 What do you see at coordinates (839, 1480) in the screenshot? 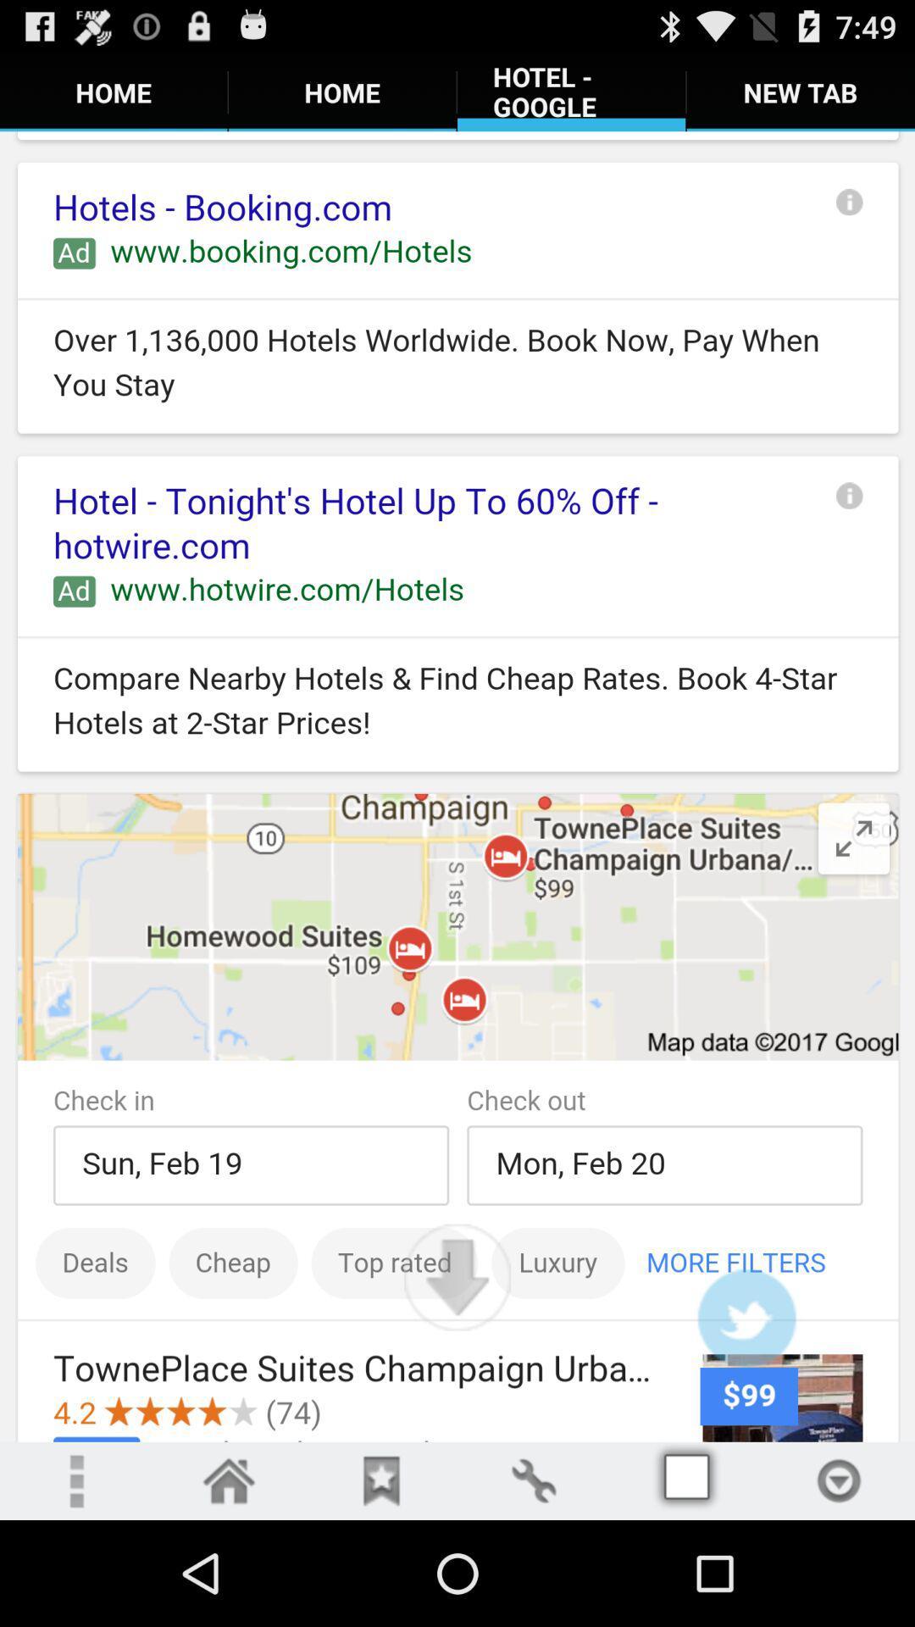
I see `down arrow` at bounding box center [839, 1480].